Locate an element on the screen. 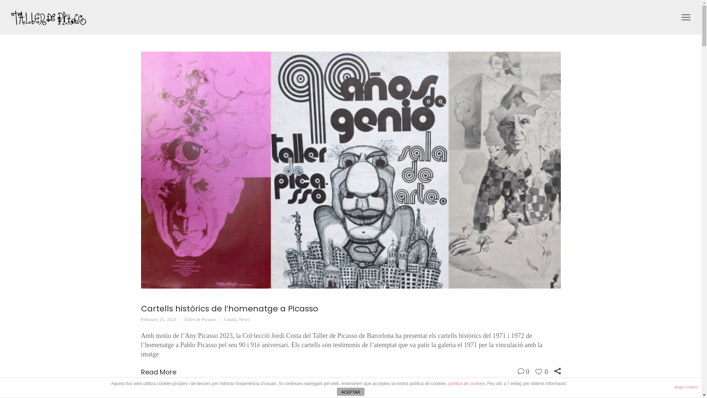  'Read More' is located at coordinates (158, 372).